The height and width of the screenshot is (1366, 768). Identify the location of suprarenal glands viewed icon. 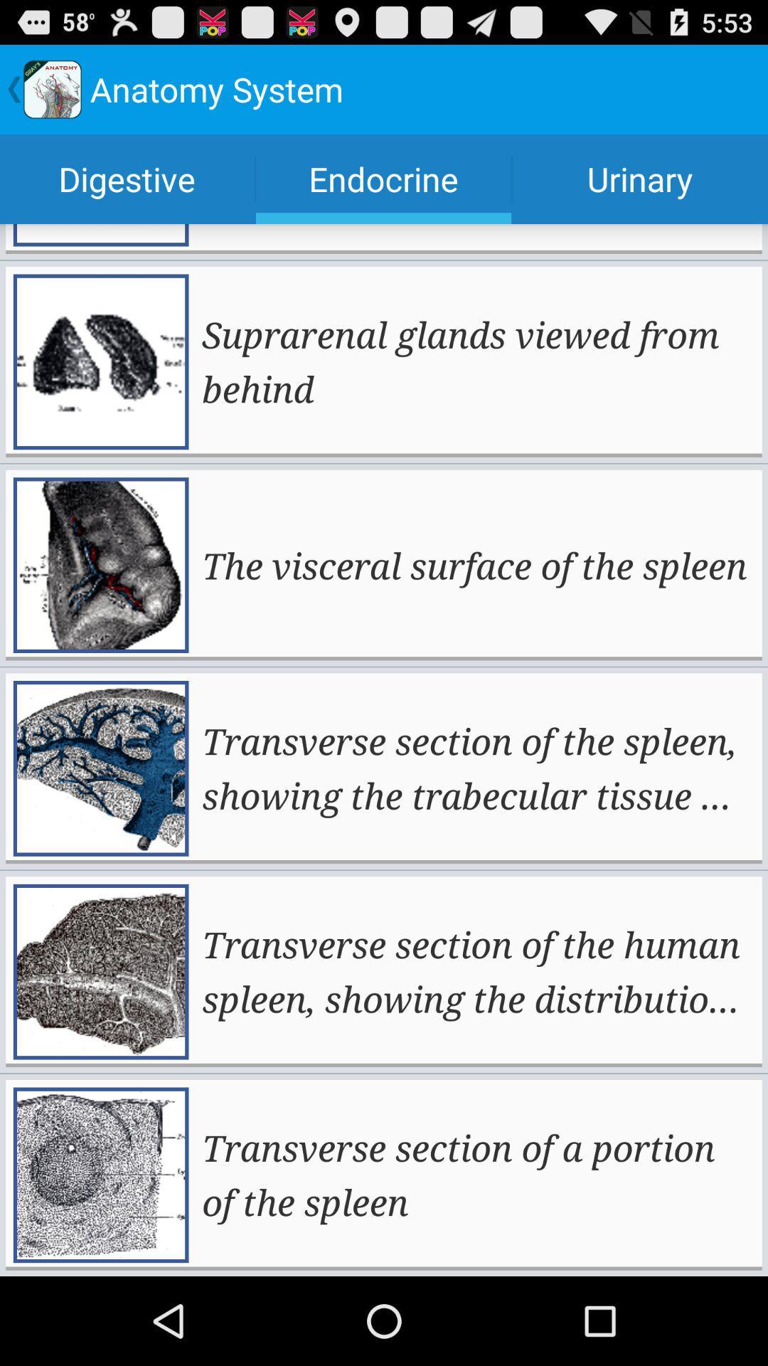
(476, 361).